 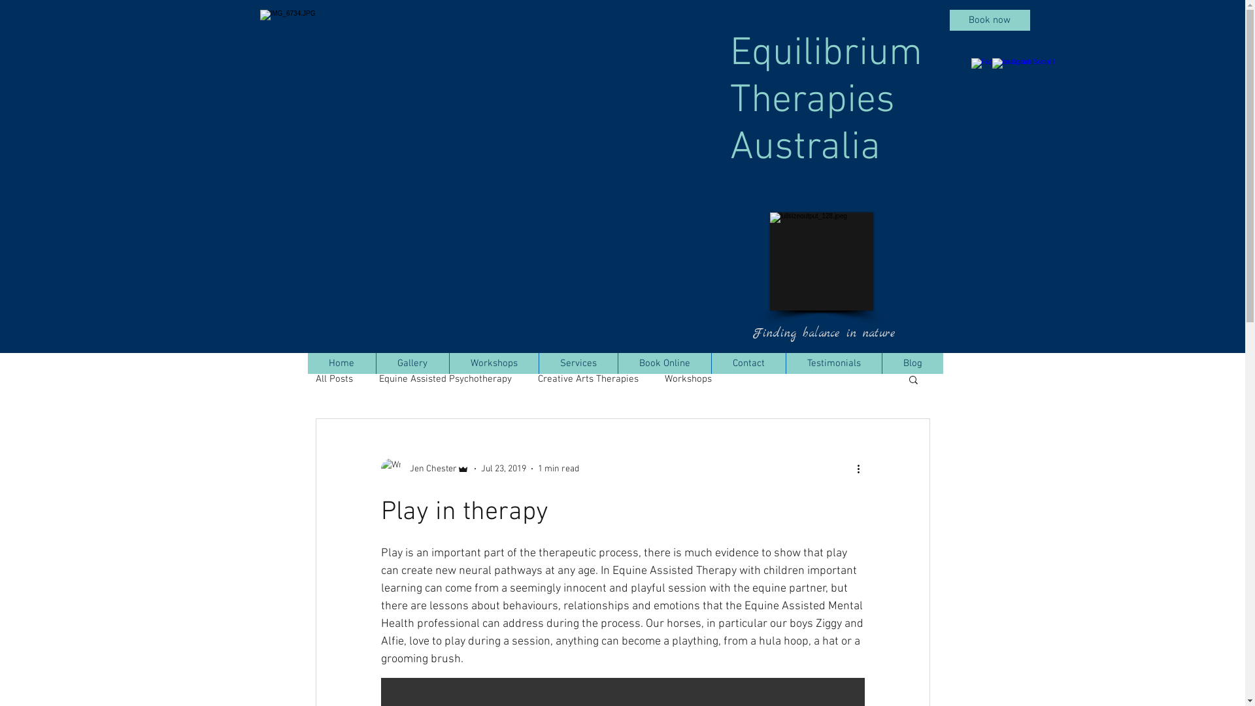 I want to click on 'Blog', so click(x=911, y=363).